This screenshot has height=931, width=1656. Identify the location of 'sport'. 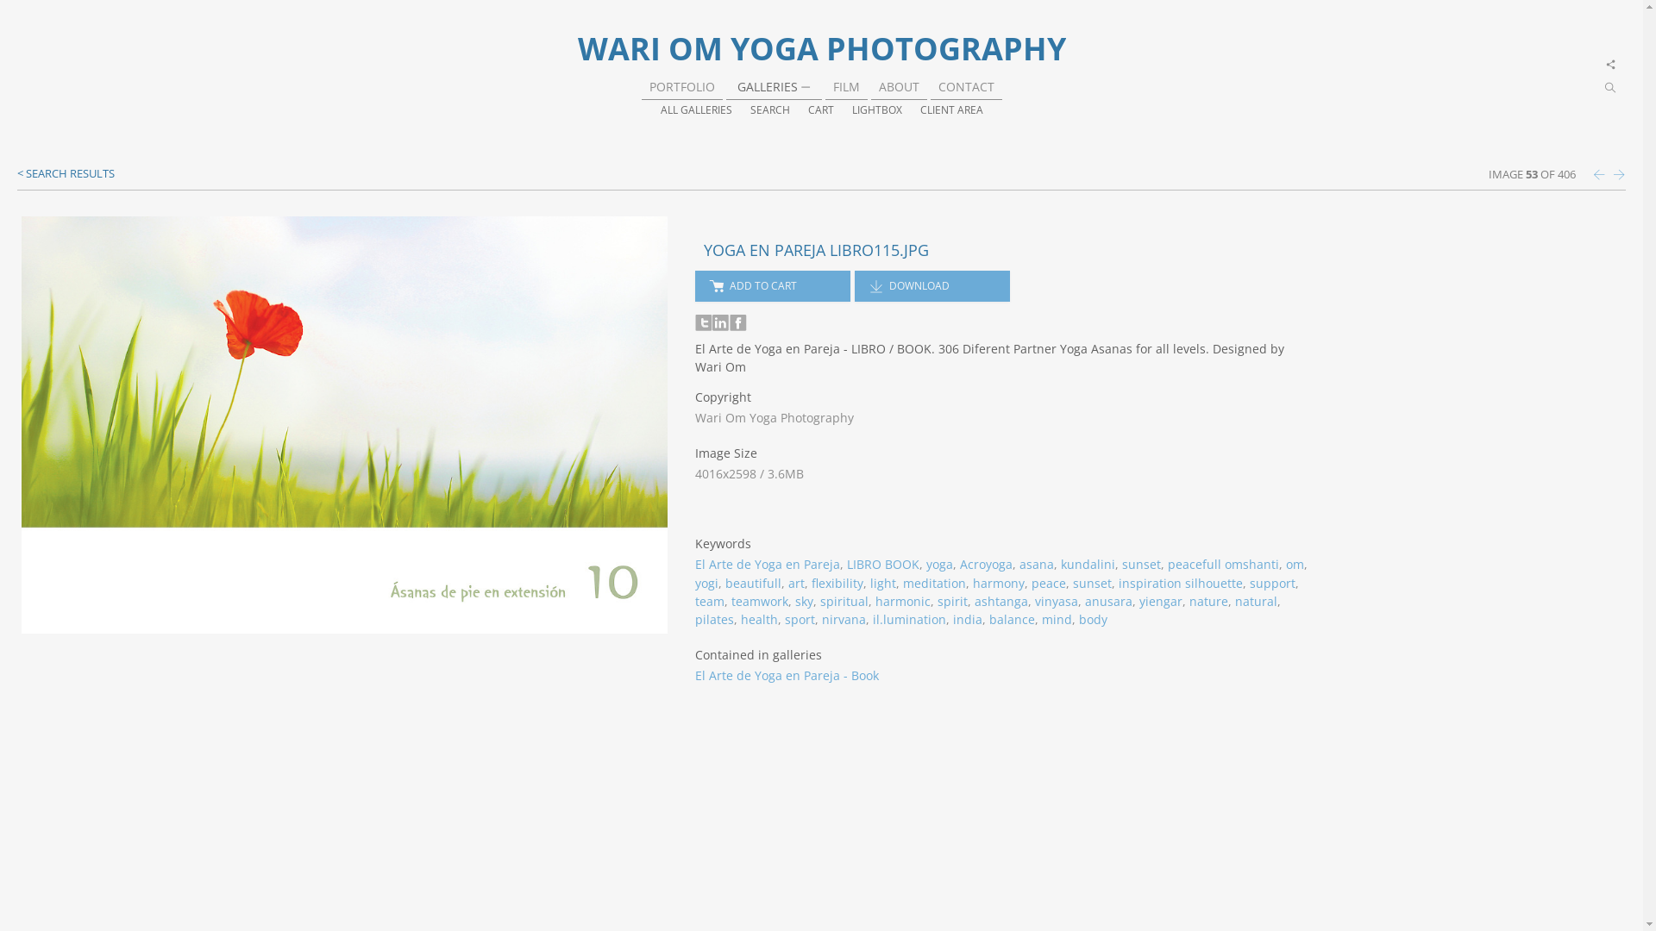
(799, 618).